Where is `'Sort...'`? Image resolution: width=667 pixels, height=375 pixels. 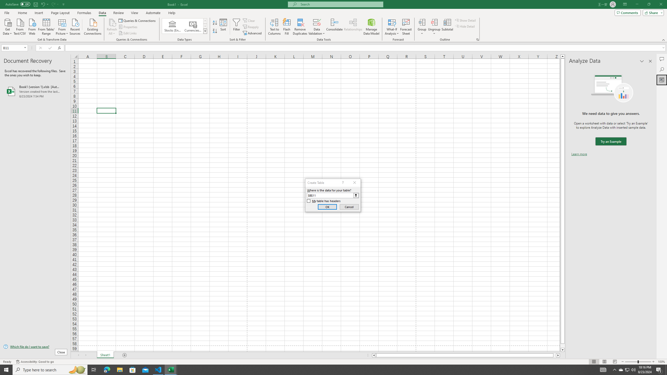 'Sort...' is located at coordinates (223, 27).